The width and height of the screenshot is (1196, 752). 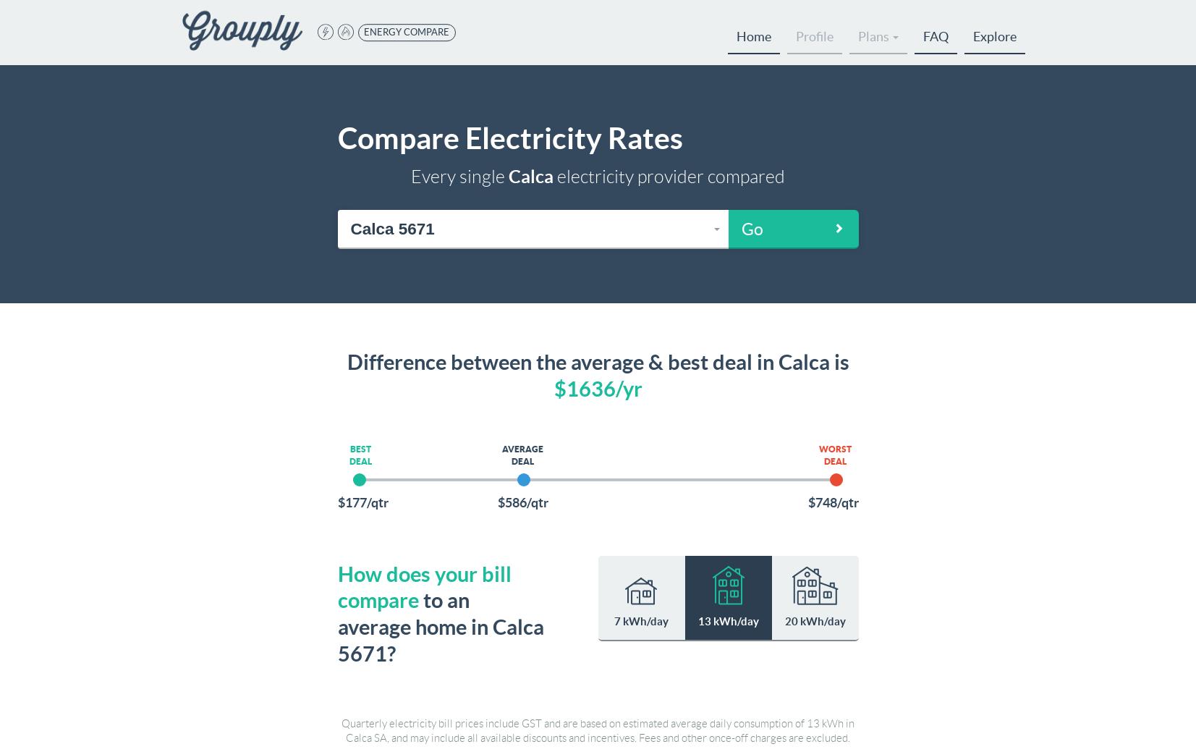 I want to click on '$', so click(x=559, y=388).